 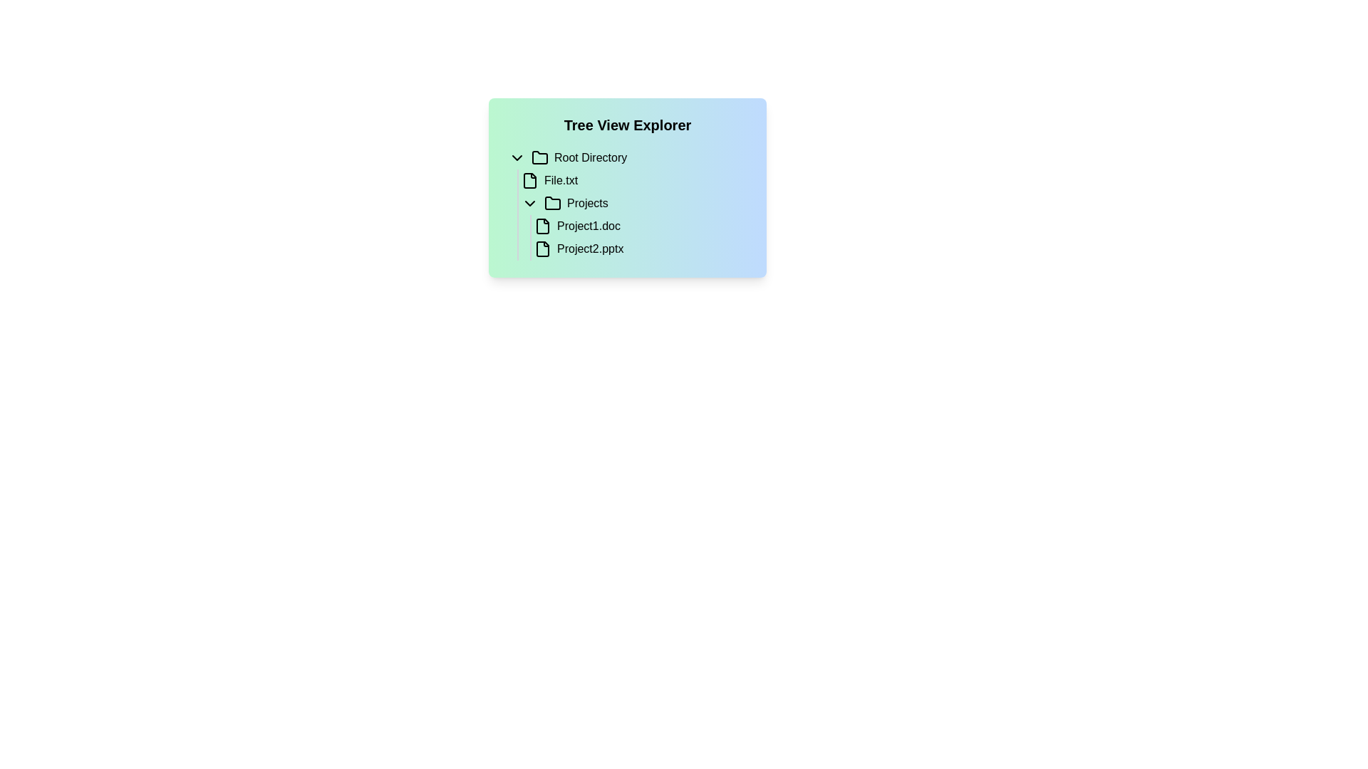 I want to click on the static text label representing the file named 'File.txt' located under the 'Root Directory' in the file explorer tree, so click(x=560, y=180).